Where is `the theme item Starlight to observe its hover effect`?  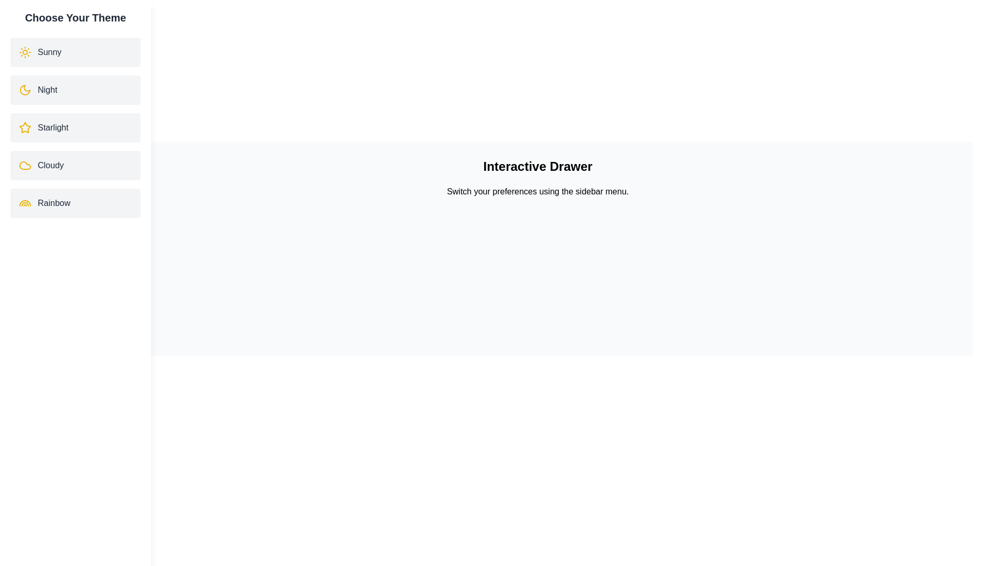 the theme item Starlight to observe its hover effect is located at coordinates (75, 127).